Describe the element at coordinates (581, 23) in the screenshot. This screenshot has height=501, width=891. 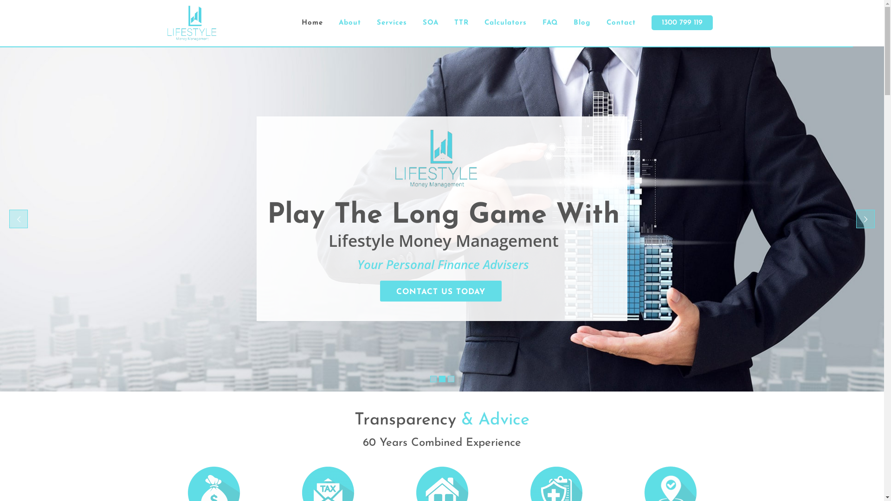
I see `'Blog'` at that location.